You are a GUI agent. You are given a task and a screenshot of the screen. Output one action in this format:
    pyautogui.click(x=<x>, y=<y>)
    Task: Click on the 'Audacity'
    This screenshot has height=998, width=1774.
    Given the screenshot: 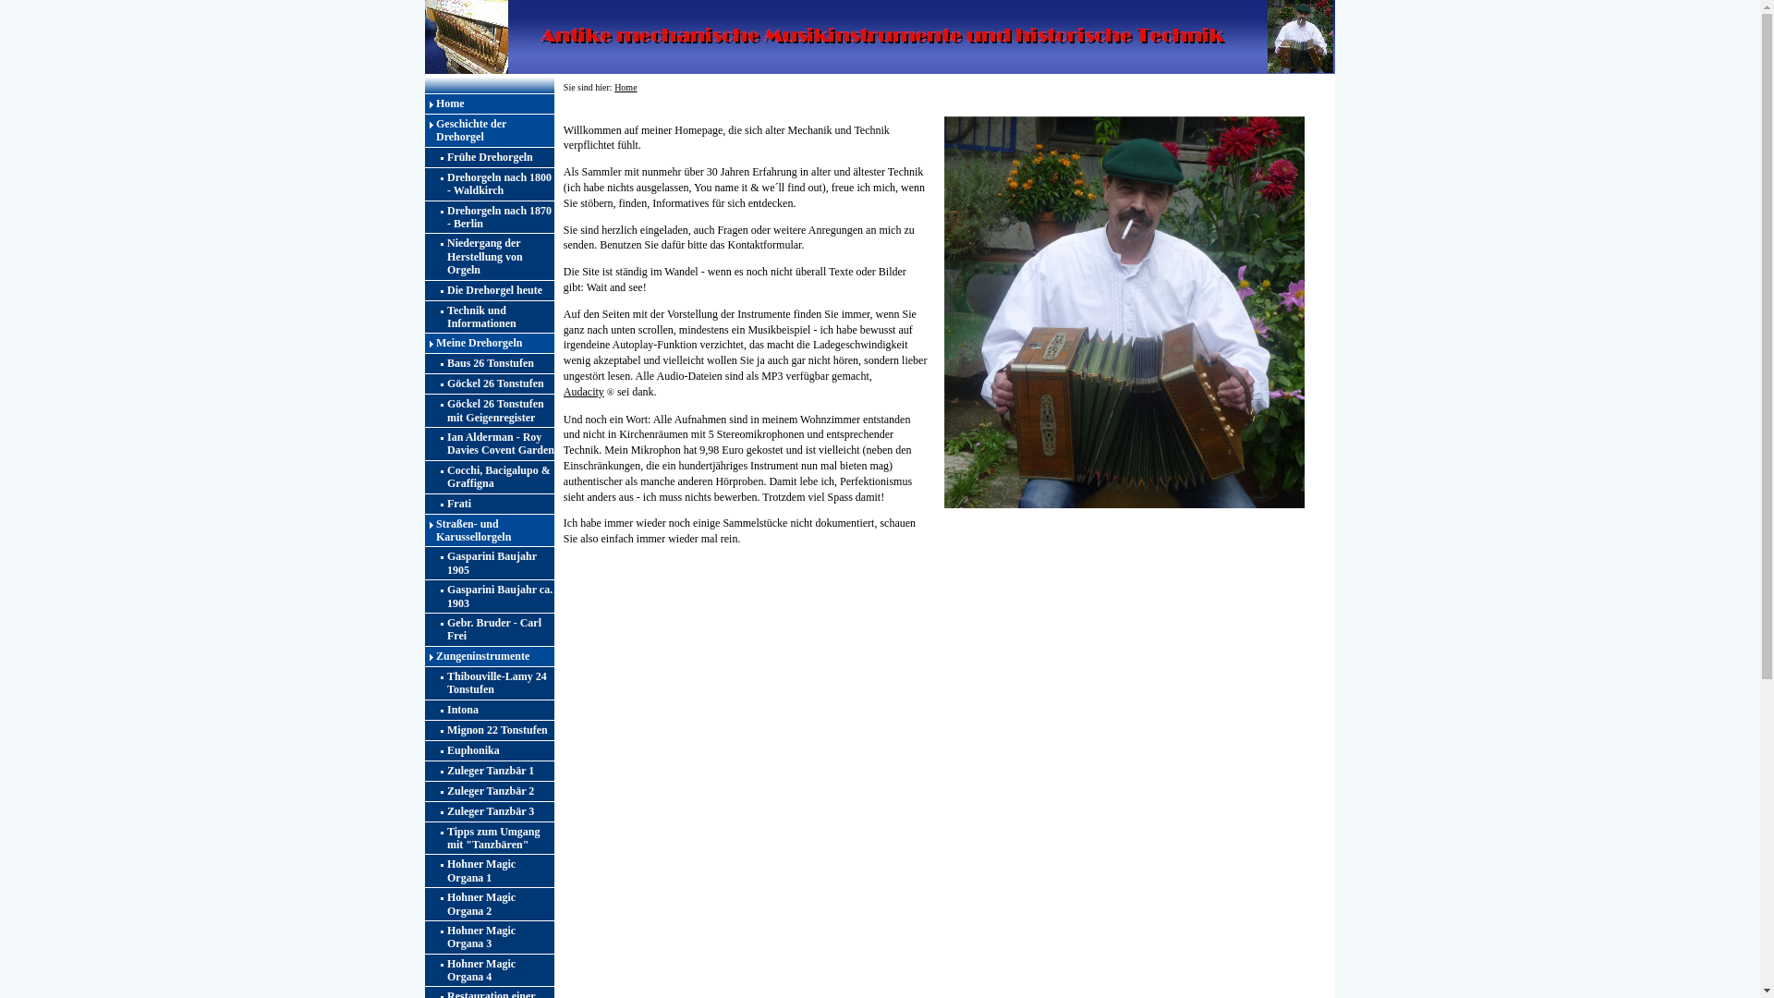 What is the action you would take?
    pyautogui.click(x=562, y=391)
    